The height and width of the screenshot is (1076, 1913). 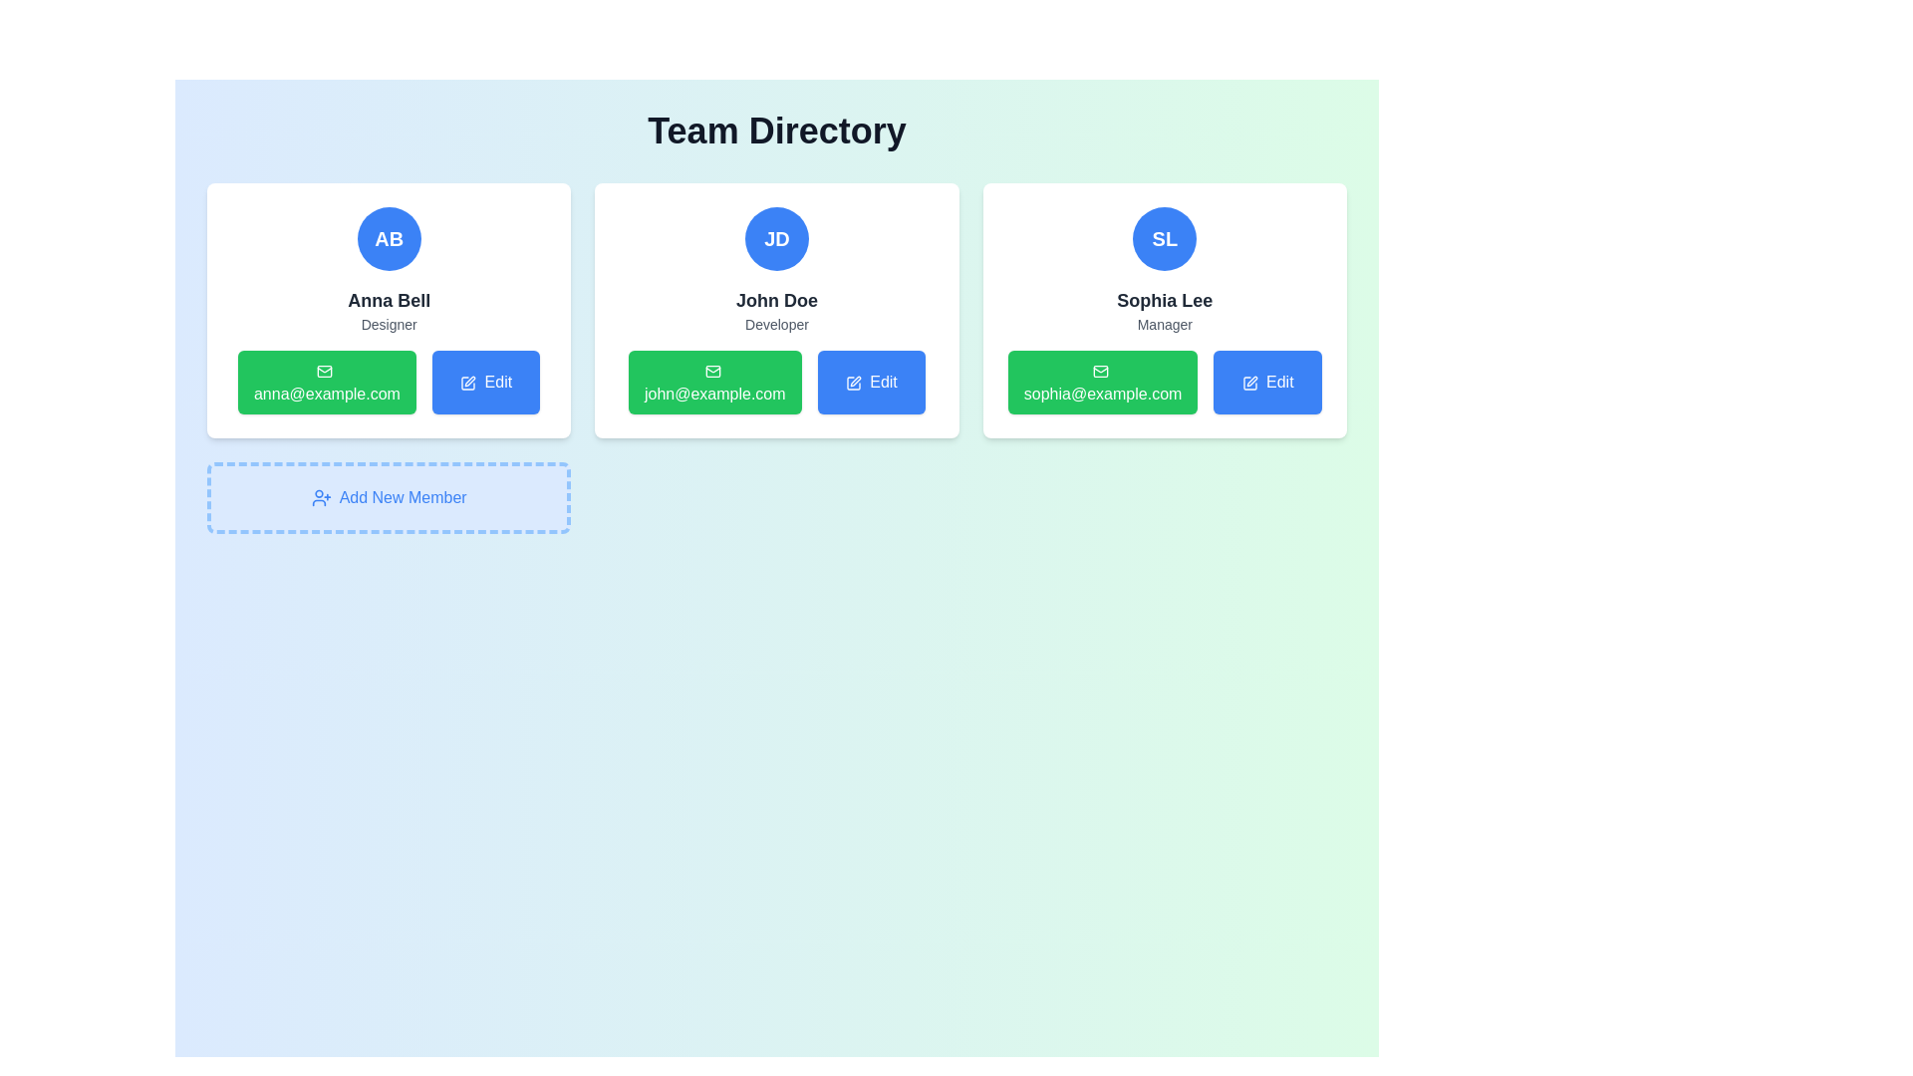 I want to click on the green button labeled 'anna@example.com' within Anna Bell's profile card, so click(x=389, y=383).